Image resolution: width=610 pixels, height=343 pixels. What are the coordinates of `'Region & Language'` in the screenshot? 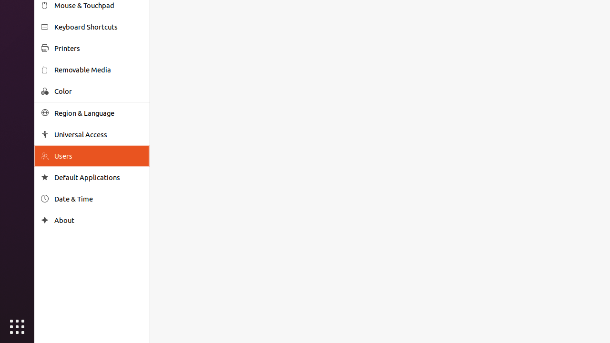 It's located at (98, 112).